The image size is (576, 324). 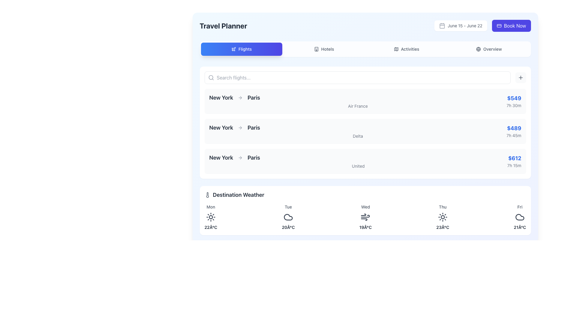 I want to click on the text display element that shows 'June 15 - June 22' in gray font, located in the top-right corner of the interface within a white card, so click(x=465, y=25).